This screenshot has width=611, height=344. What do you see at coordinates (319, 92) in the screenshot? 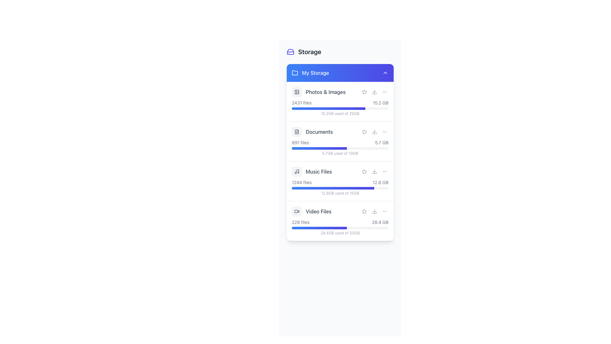
I see `the 'Photos & Images' labeled section with an image icon located under the 'My Storage' header` at bounding box center [319, 92].